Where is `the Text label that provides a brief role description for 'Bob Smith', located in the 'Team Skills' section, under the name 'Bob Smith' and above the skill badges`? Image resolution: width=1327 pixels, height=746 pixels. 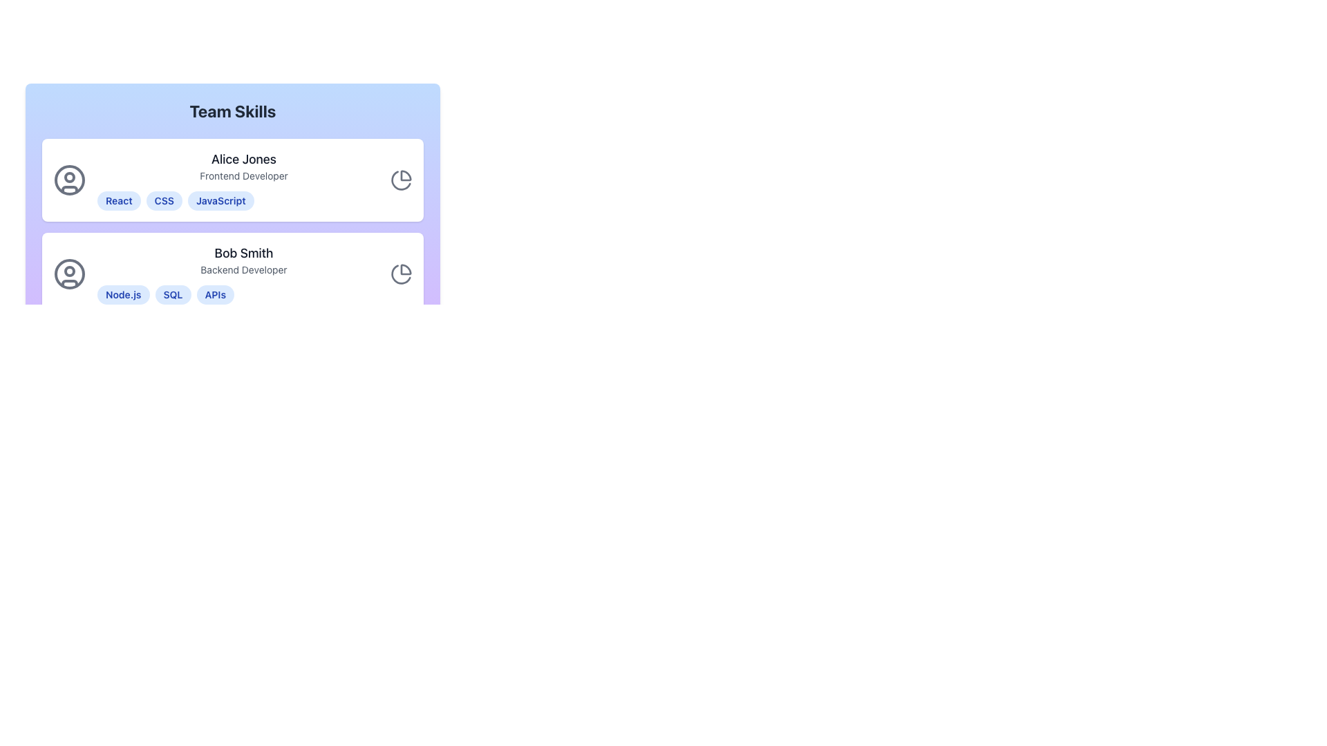
the Text label that provides a brief role description for 'Bob Smith', located in the 'Team Skills' section, under the name 'Bob Smith' and above the skill badges is located at coordinates (244, 269).